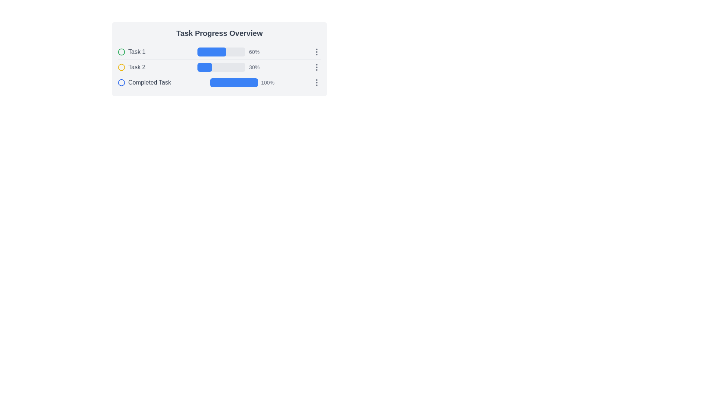  I want to click on the Indicator Icon, which is a circular icon with a green border and a white fill, located to the immediate left of the label 'Task 1' in the task listing, so click(122, 51).